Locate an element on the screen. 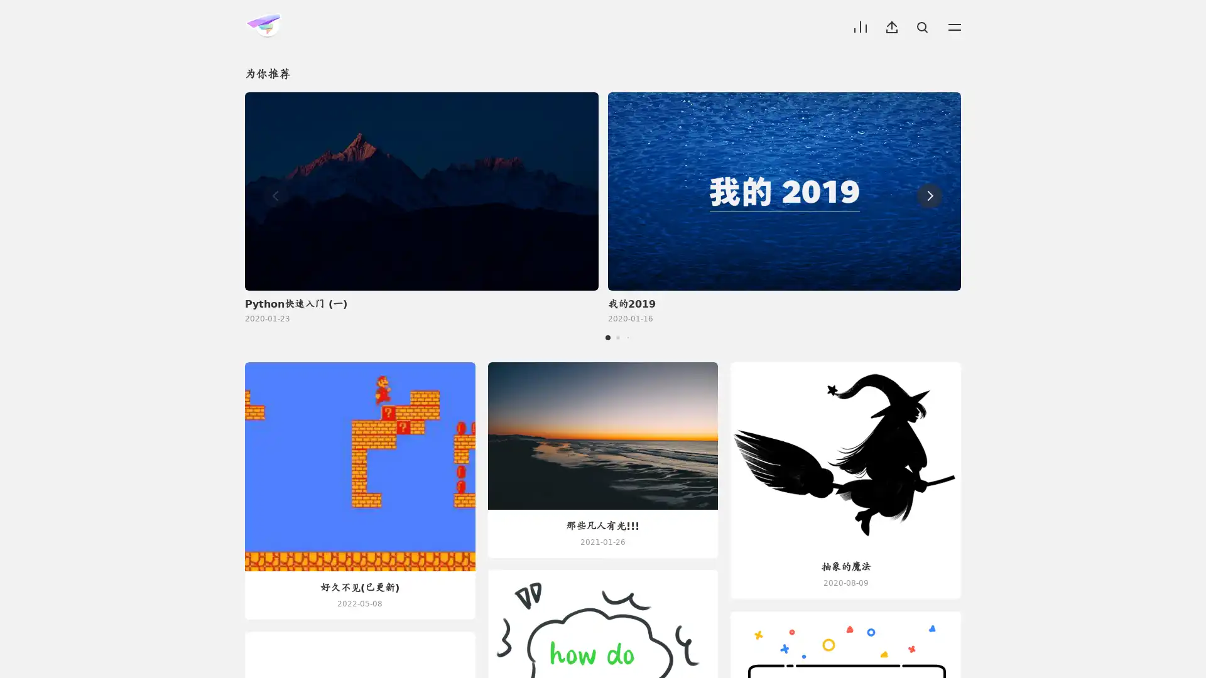 This screenshot has width=1206, height=678. Go to slide 1 is located at coordinates (607, 336).